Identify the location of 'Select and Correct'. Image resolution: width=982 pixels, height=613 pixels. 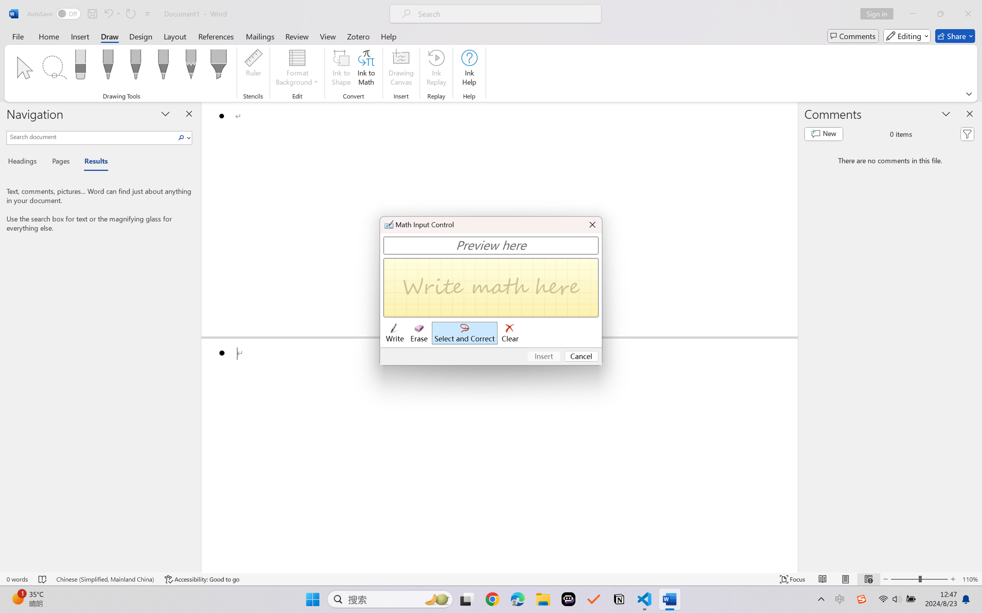
(465, 332).